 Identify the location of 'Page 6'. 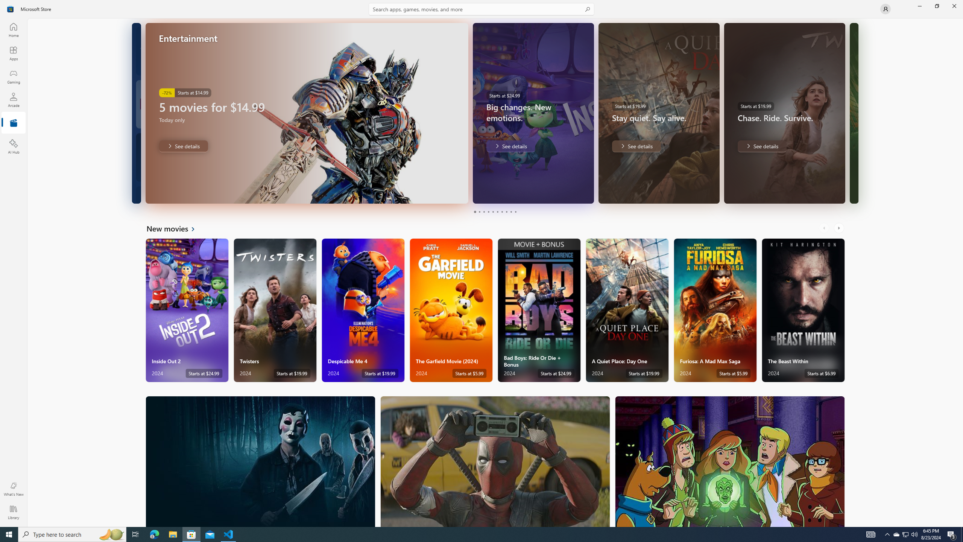
(497, 212).